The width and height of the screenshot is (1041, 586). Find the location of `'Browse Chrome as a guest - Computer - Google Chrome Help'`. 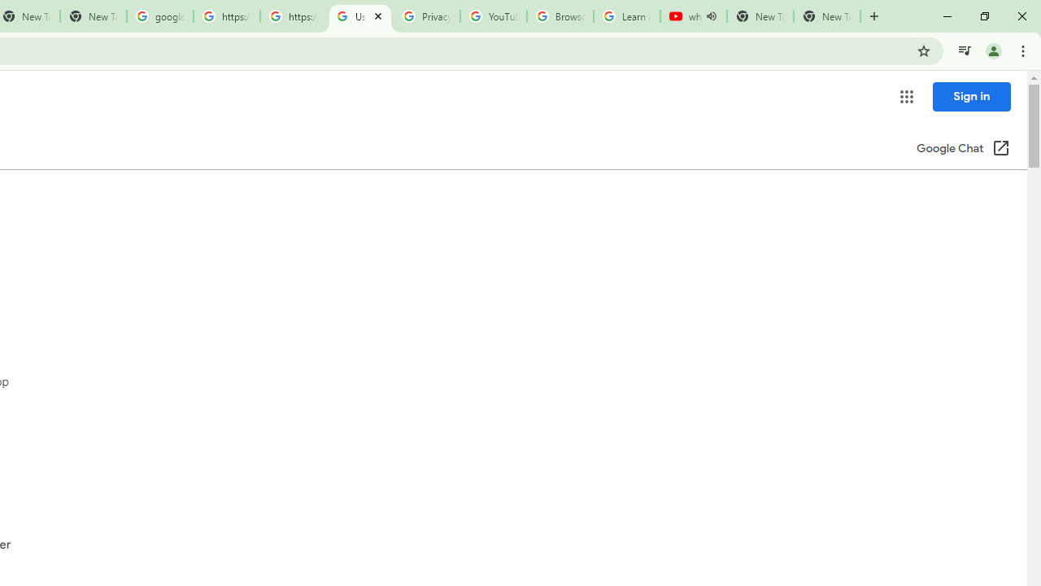

'Browse Chrome as a guest - Computer - Google Chrome Help' is located at coordinates (560, 16).